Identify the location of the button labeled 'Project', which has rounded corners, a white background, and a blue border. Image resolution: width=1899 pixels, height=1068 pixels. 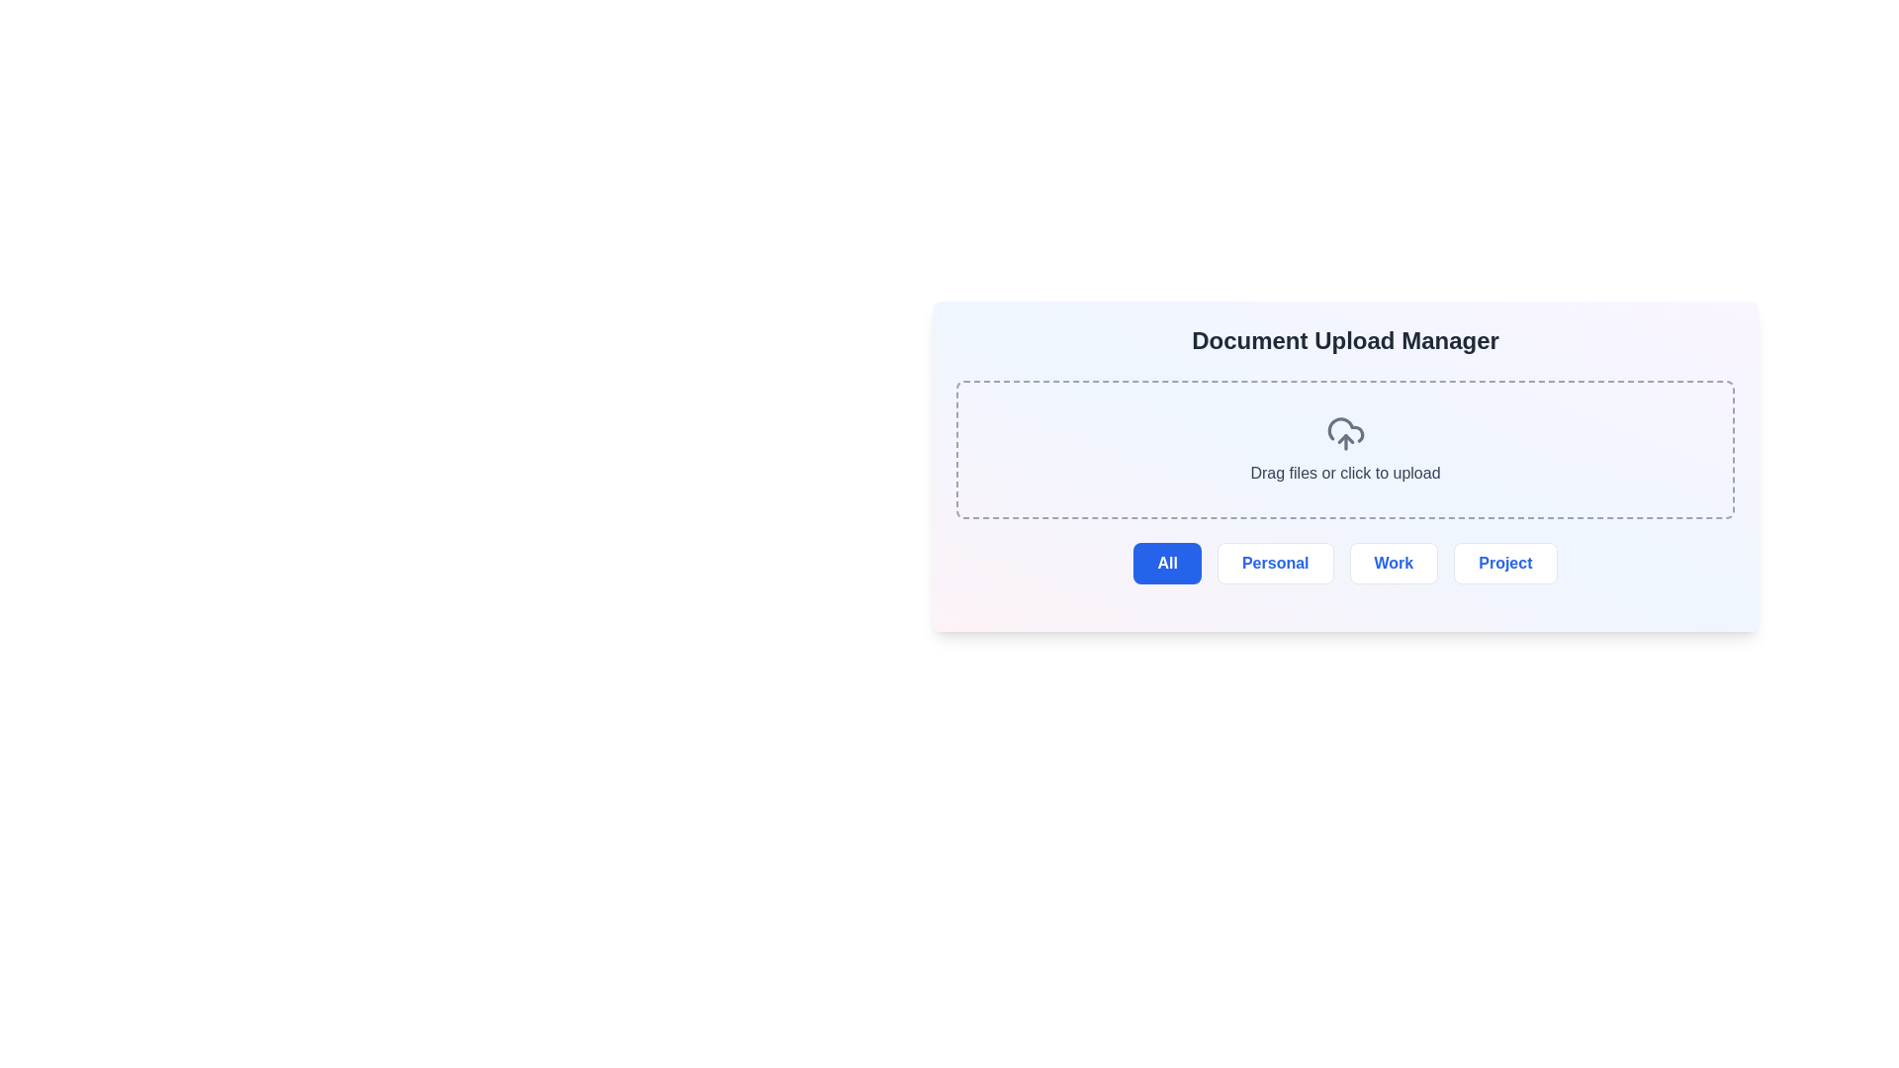
(1504, 564).